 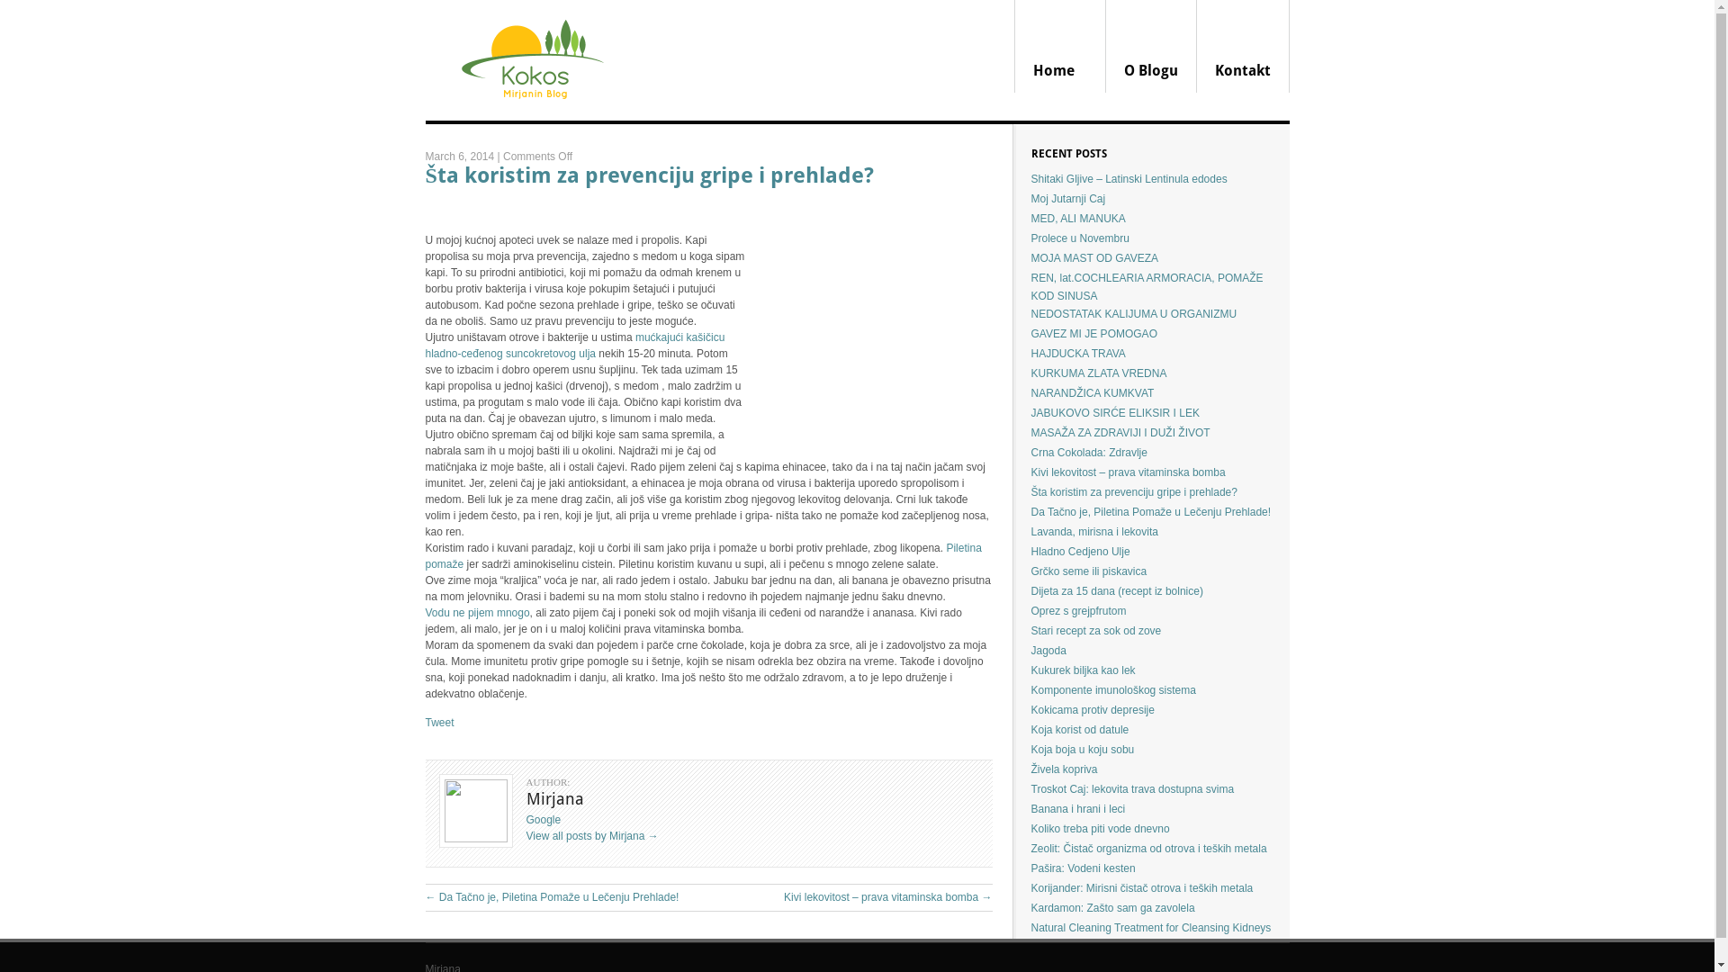 What do you see at coordinates (476, 612) in the screenshot?
I see `'Vodu ne pijem mnogo'` at bounding box center [476, 612].